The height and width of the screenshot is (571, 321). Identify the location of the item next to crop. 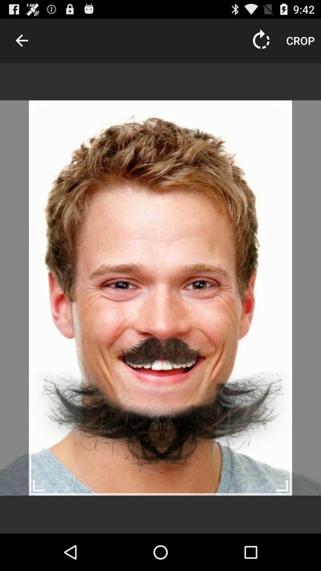
(261, 40).